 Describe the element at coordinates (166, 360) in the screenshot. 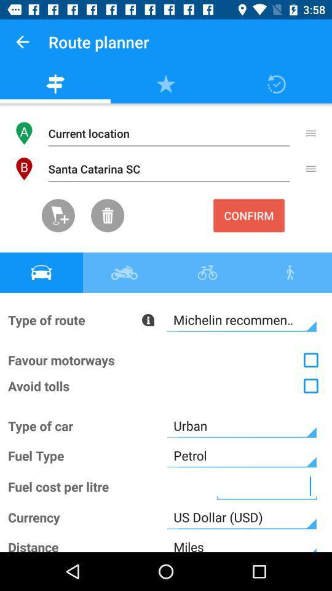

I see `second option below the car icon` at that location.